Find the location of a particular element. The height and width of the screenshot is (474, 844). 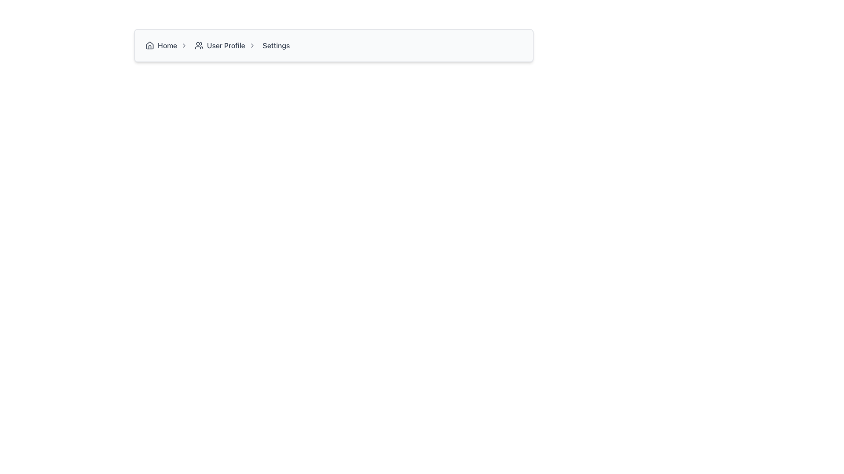

the 'Home' link in the breadcrumb navigation bar is located at coordinates (167, 46).